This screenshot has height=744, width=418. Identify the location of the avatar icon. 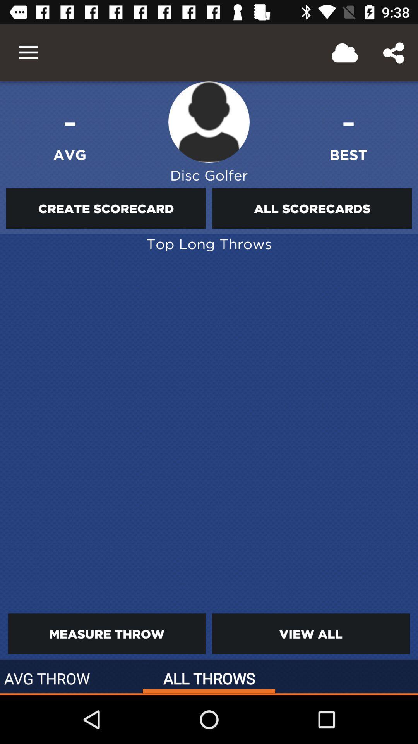
(209, 122).